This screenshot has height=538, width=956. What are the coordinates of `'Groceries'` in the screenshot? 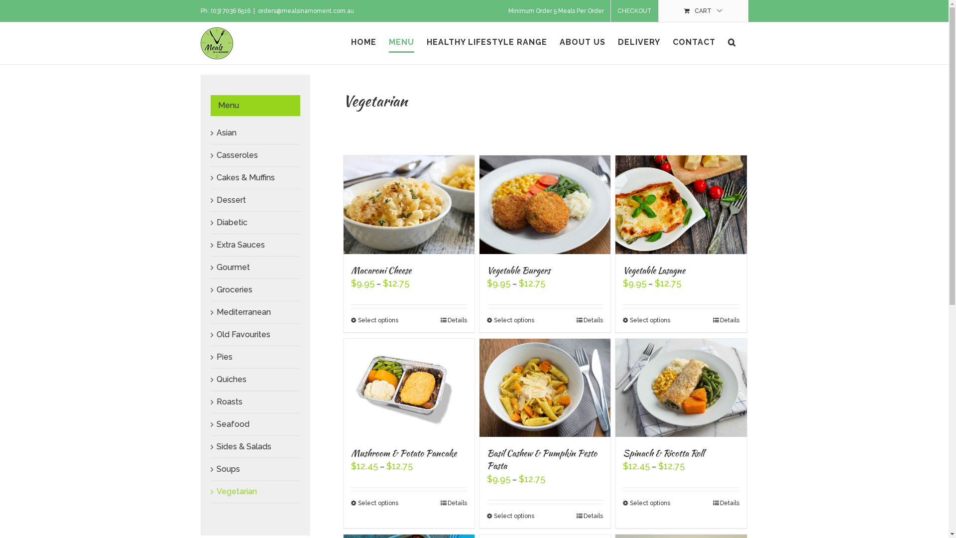 It's located at (234, 289).